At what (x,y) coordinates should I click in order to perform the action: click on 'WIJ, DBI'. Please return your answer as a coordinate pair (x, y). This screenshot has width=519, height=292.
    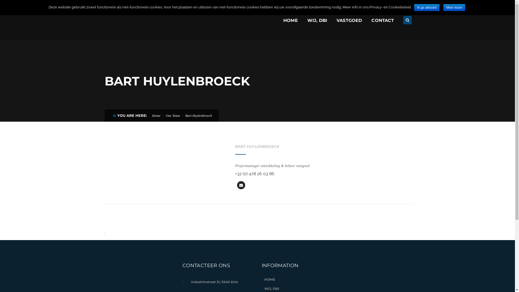
    Looking at the image, I should click on (264, 288).